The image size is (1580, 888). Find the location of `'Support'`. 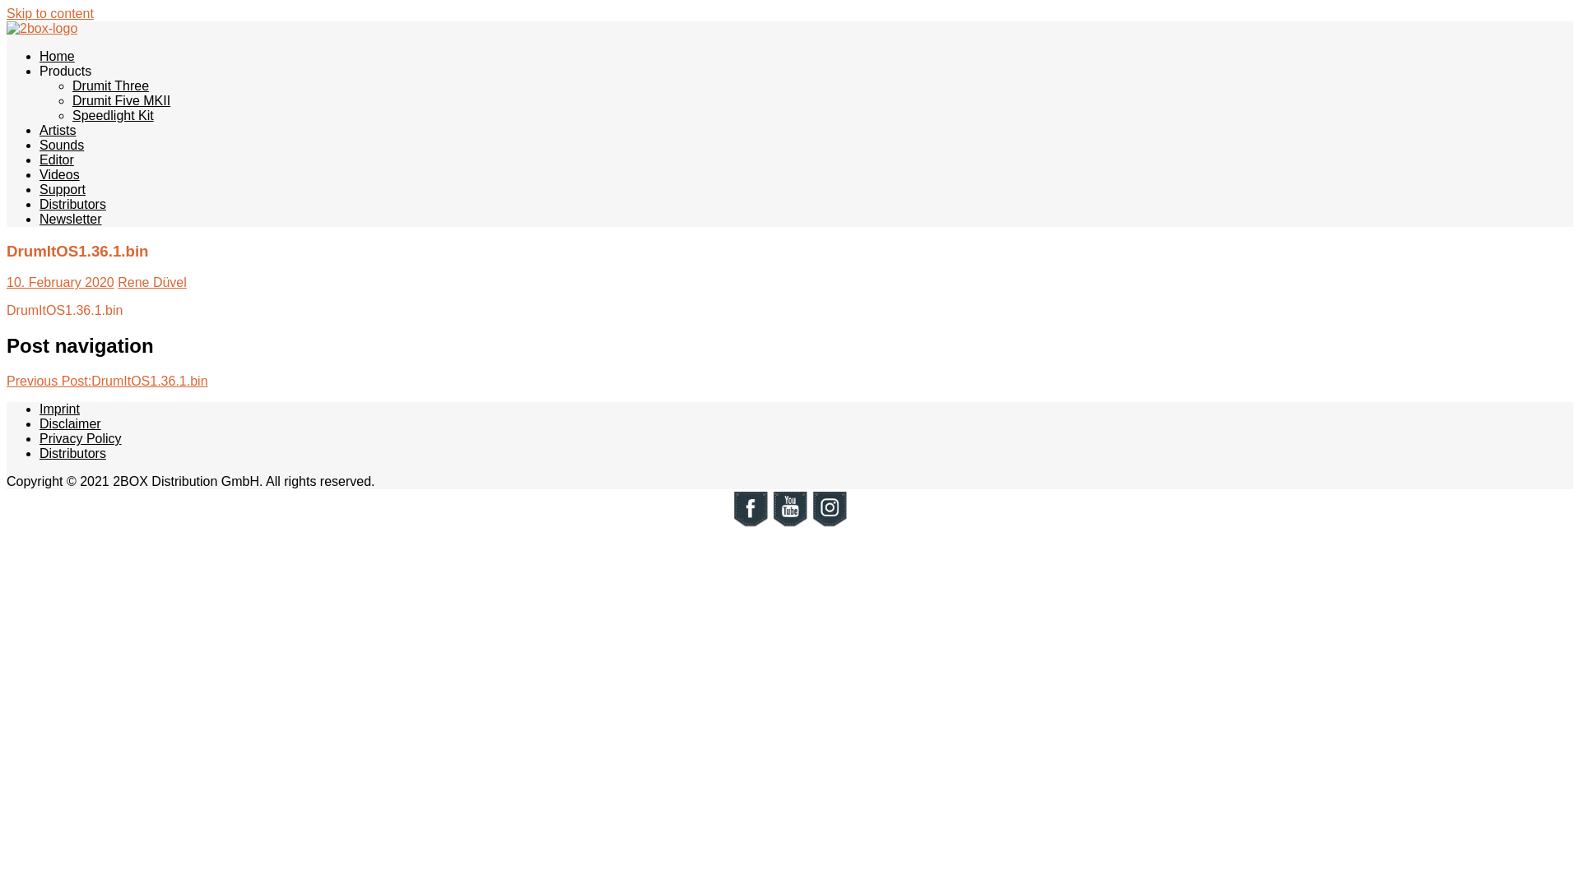

'Support' is located at coordinates (63, 188).